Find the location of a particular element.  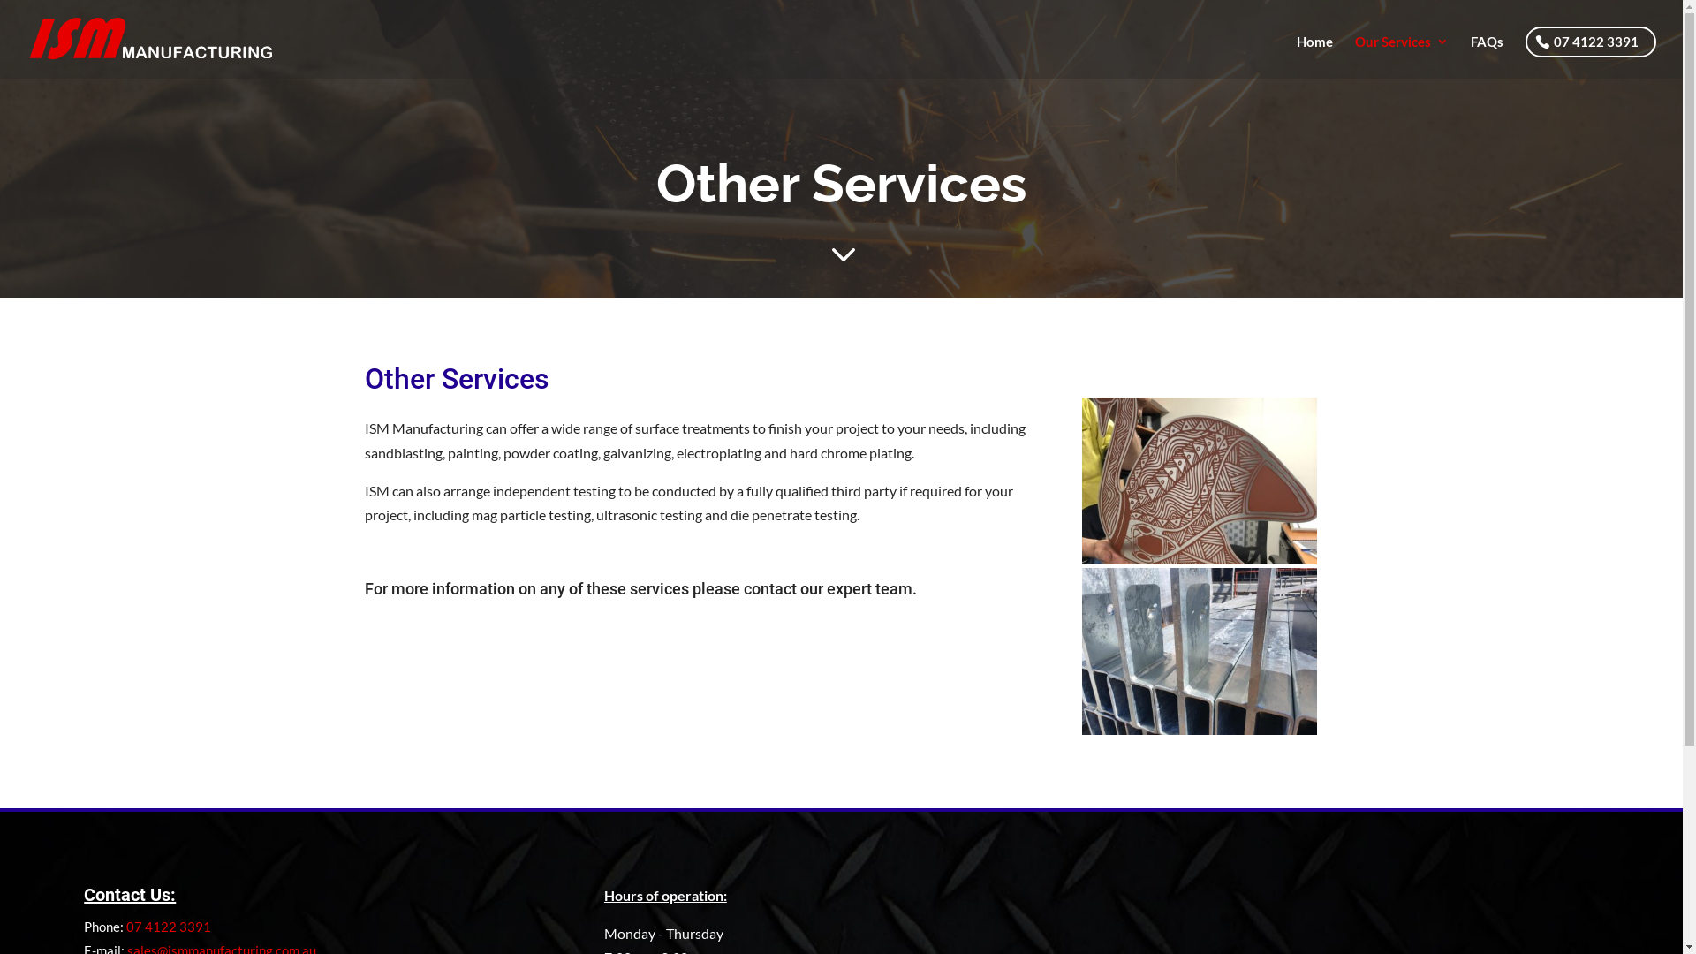

'Home' is located at coordinates (1314, 53).